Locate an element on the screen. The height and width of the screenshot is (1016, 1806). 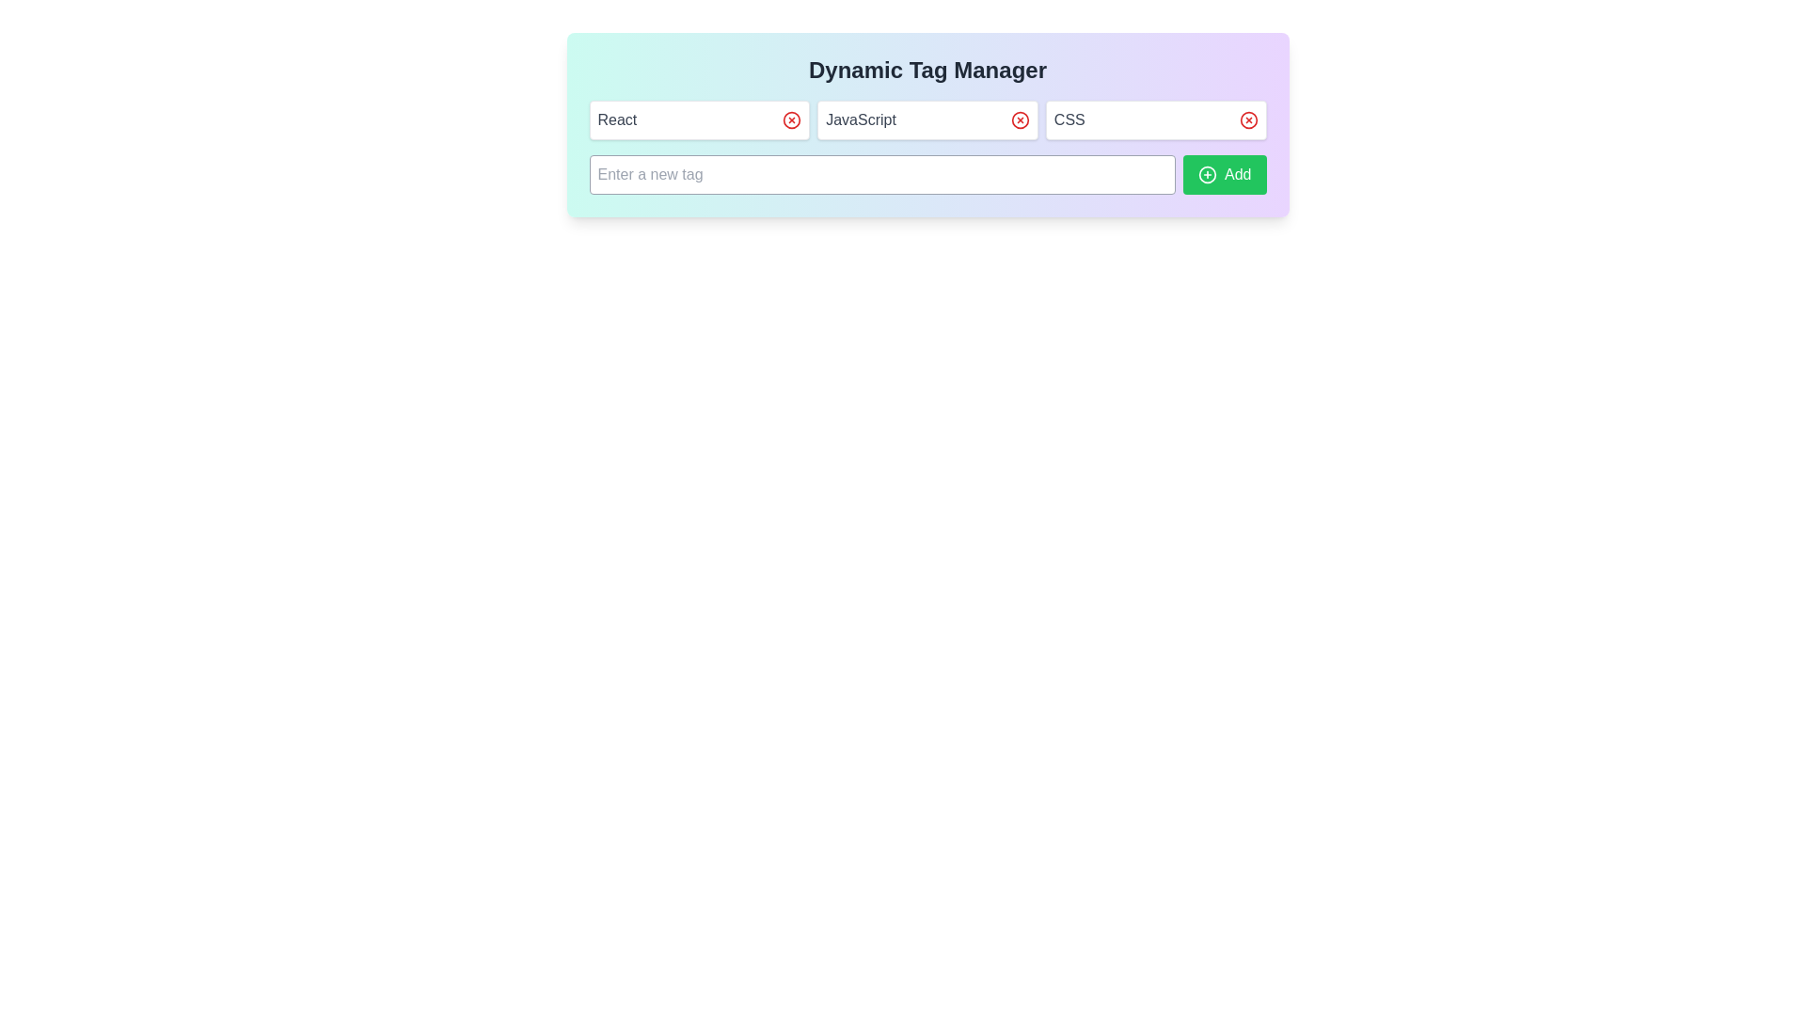
the Remove button for the tag JavaScript is located at coordinates (1019, 119).